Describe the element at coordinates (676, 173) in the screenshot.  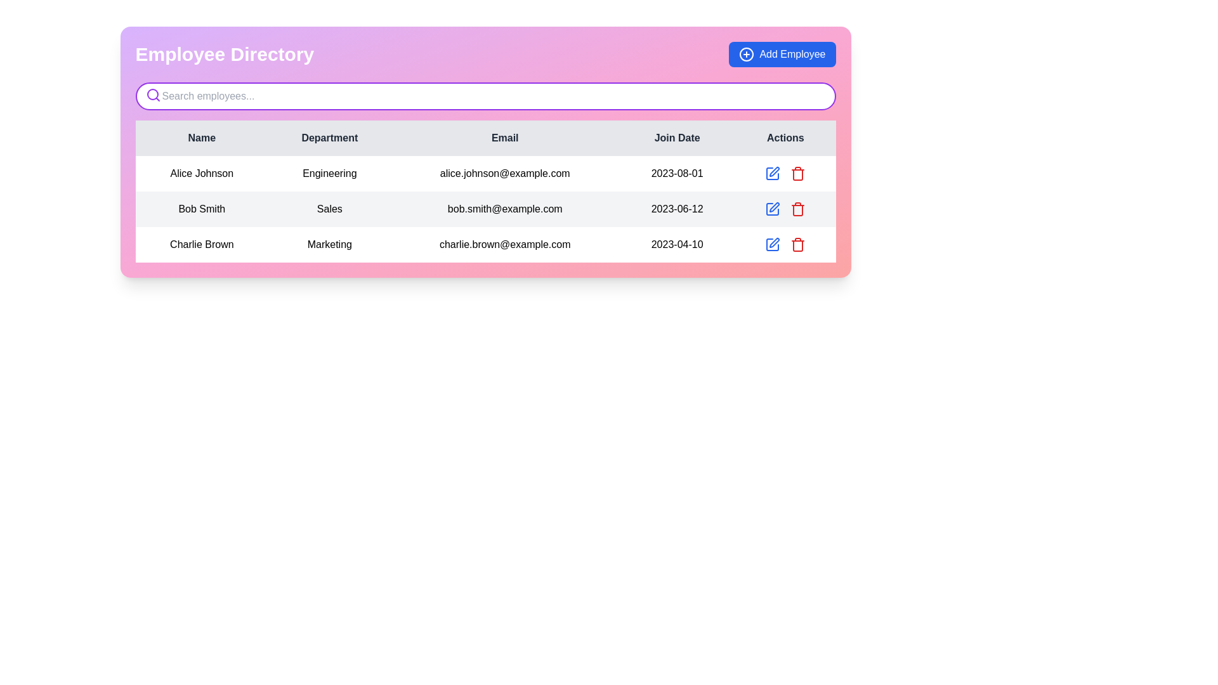
I see `text label displaying the date '2023-08-01' located in the fourth column of the first row under the 'Join Date' header in the table` at that location.